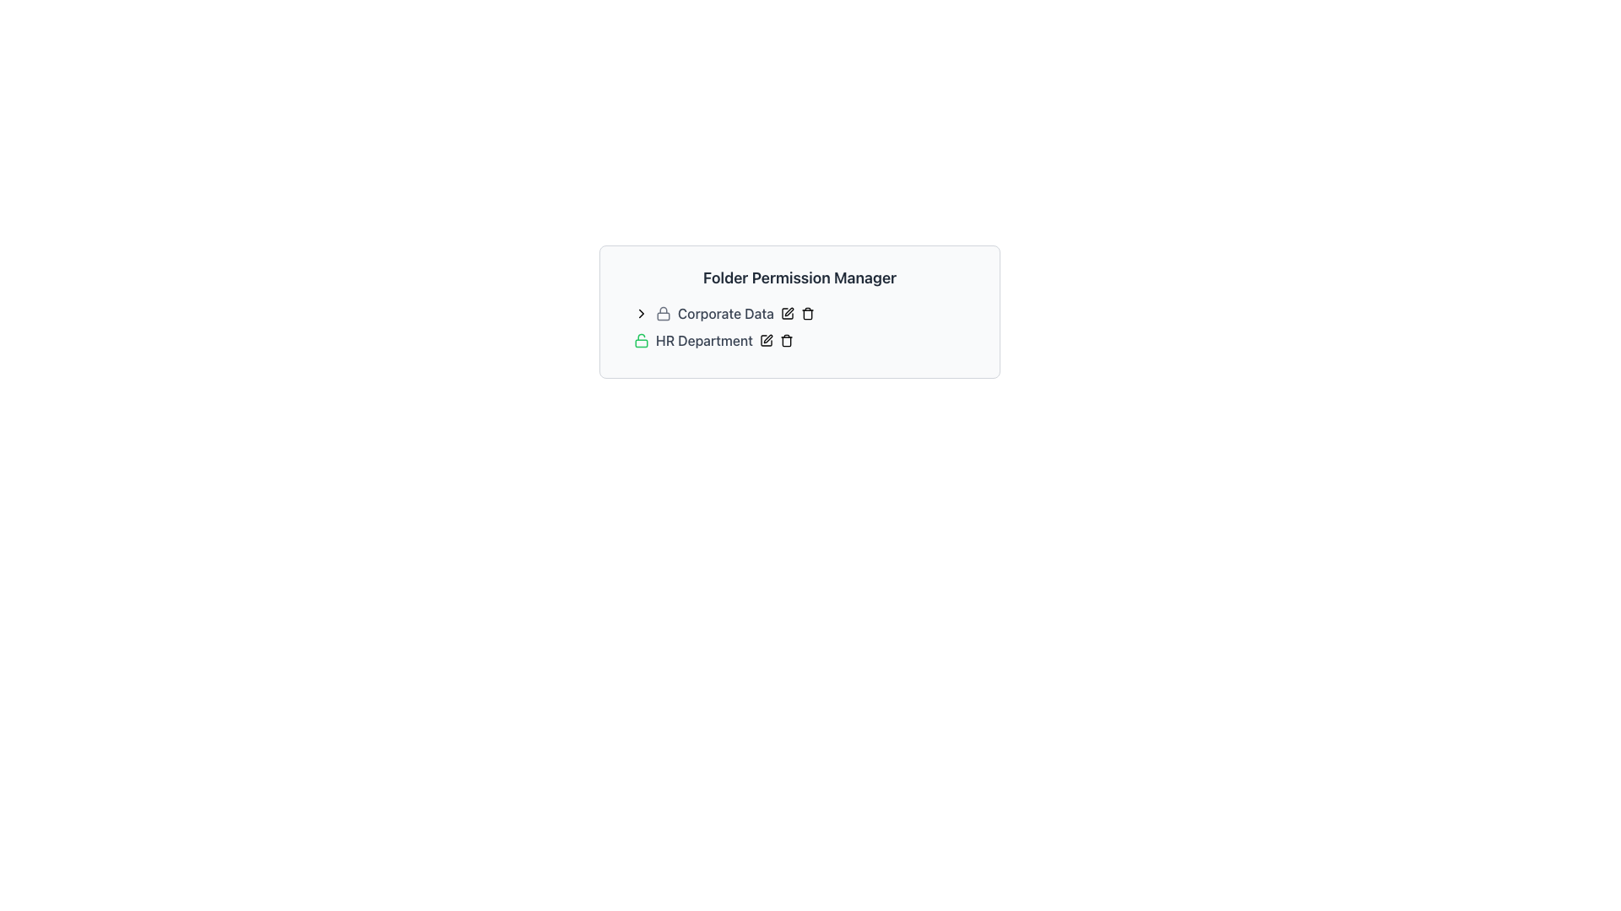  Describe the element at coordinates (786, 313) in the screenshot. I see `the edit button located to the left of the trash can icon` at that location.